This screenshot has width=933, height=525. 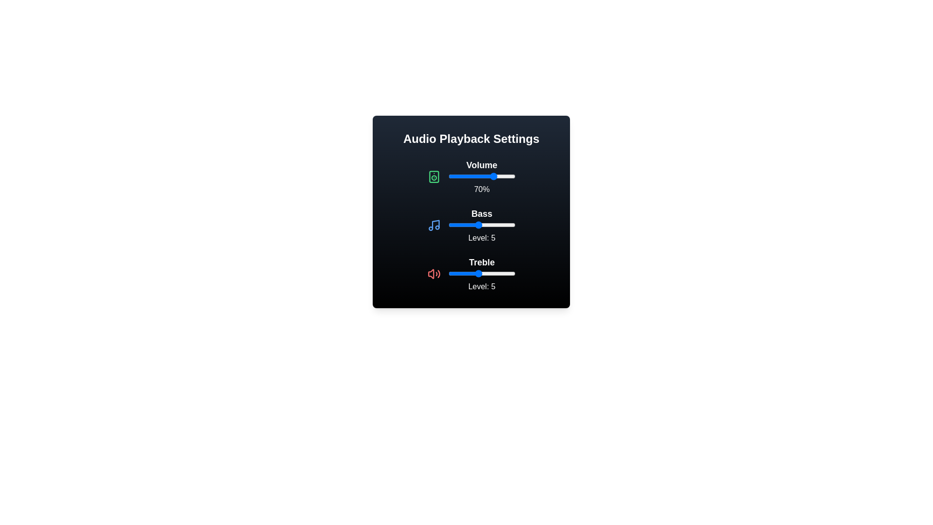 What do you see at coordinates (479, 176) in the screenshot?
I see `the volume slider` at bounding box center [479, 176].